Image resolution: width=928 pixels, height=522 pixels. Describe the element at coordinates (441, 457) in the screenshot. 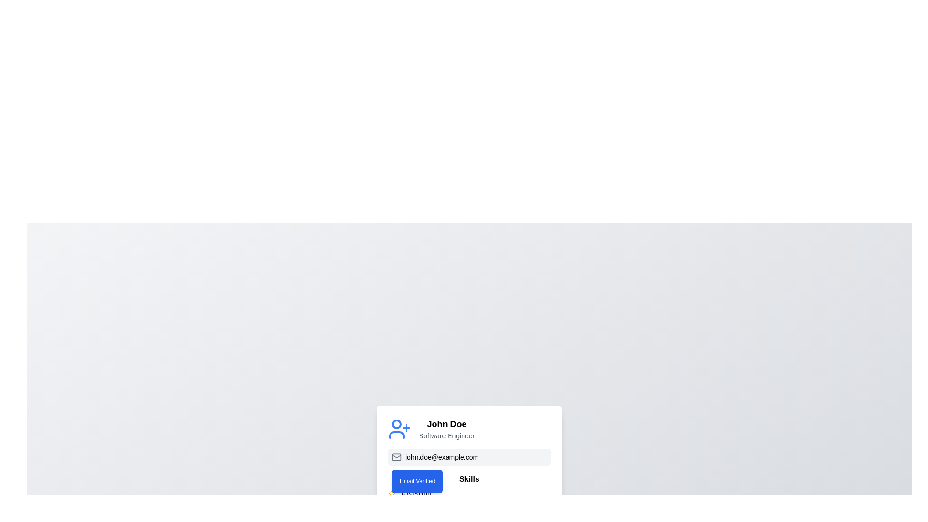

I see `the text element displaying 'john.doe@example.com', which is part of the contact information and positioned between an email icon and the 'Email Verified' text` at that location.